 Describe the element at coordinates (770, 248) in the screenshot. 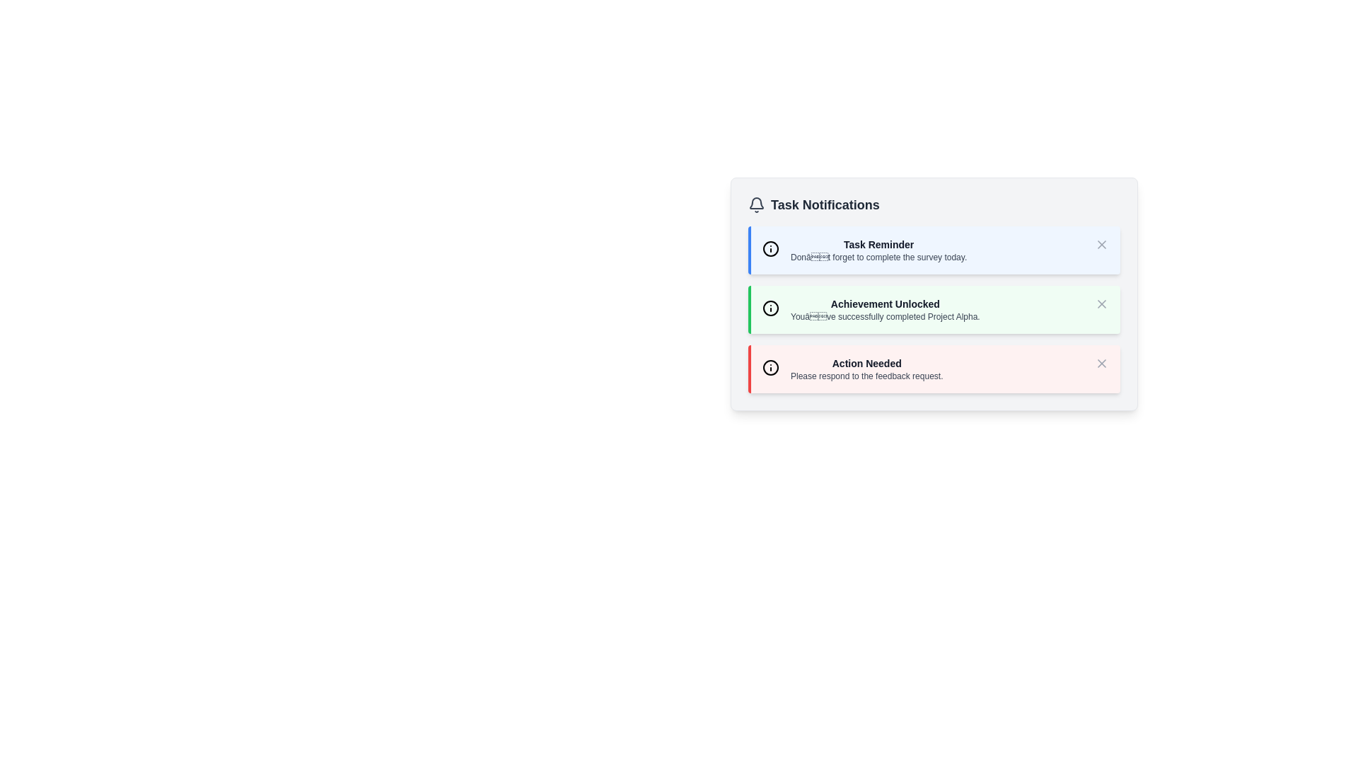

I see `the first SVG Circle Element that serves as a structural component of an icon, aiding in the representation of information or alert in the user interface` at that location.